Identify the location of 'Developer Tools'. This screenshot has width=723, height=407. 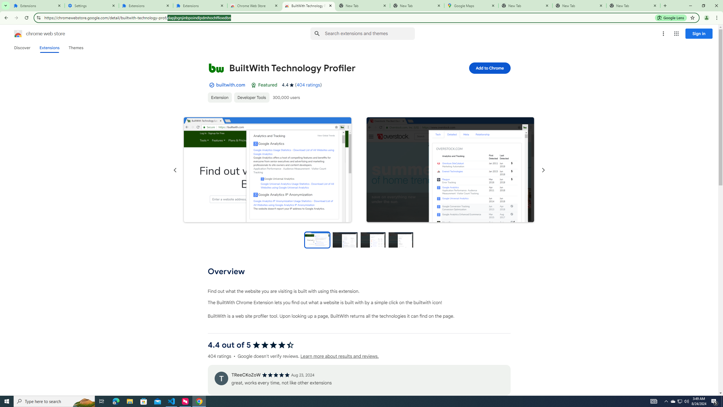
(251, 97).